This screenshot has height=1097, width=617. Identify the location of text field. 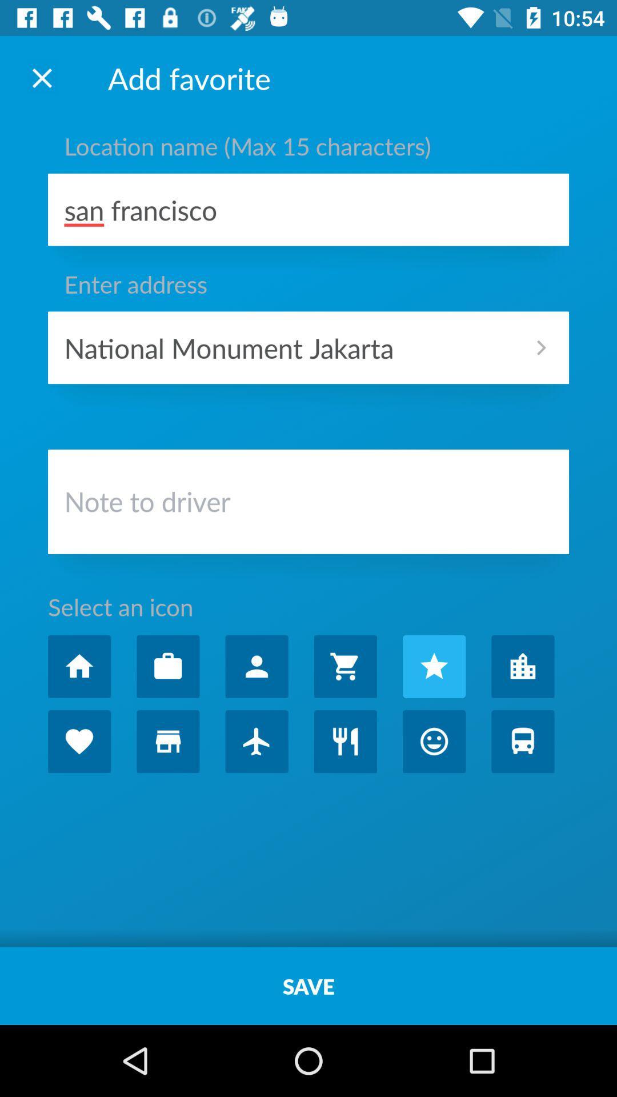
(308, 504).